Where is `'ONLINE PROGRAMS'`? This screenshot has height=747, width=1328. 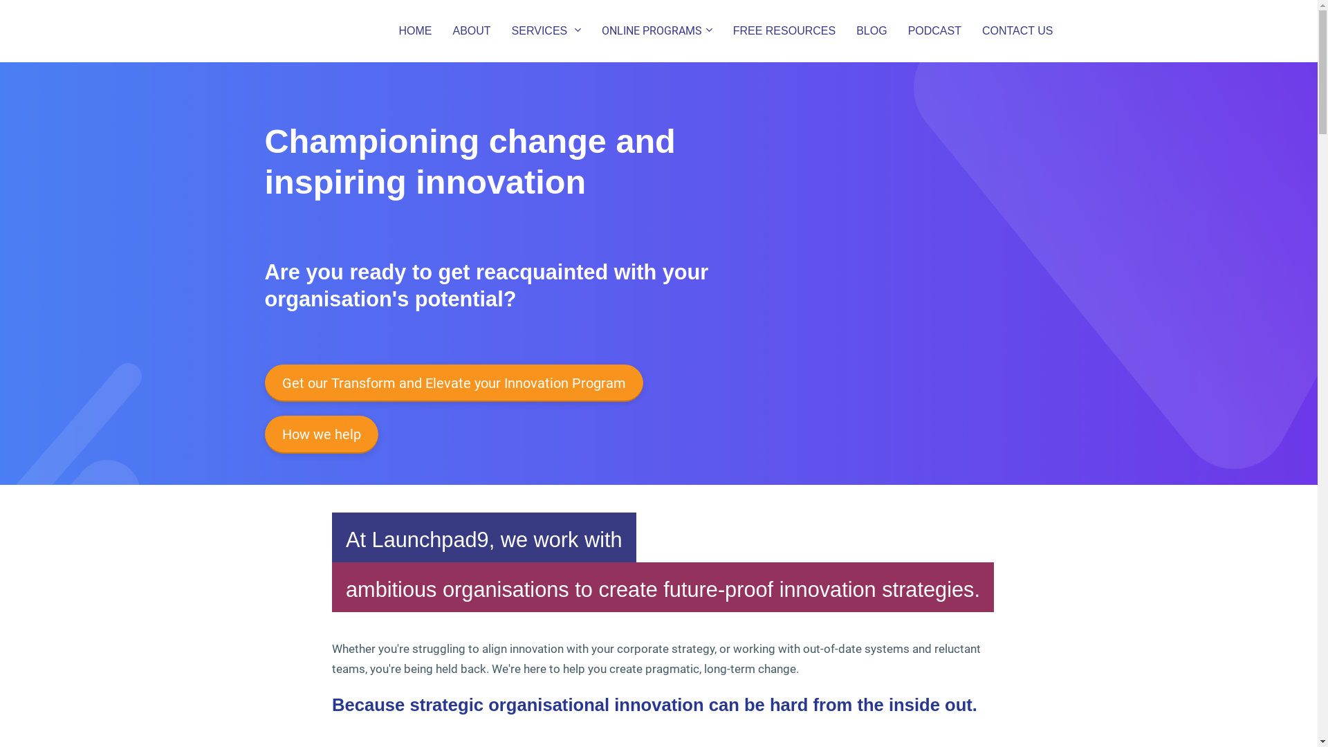
'ONLINE PROGRAMS' is located at coordinates (656, 31).